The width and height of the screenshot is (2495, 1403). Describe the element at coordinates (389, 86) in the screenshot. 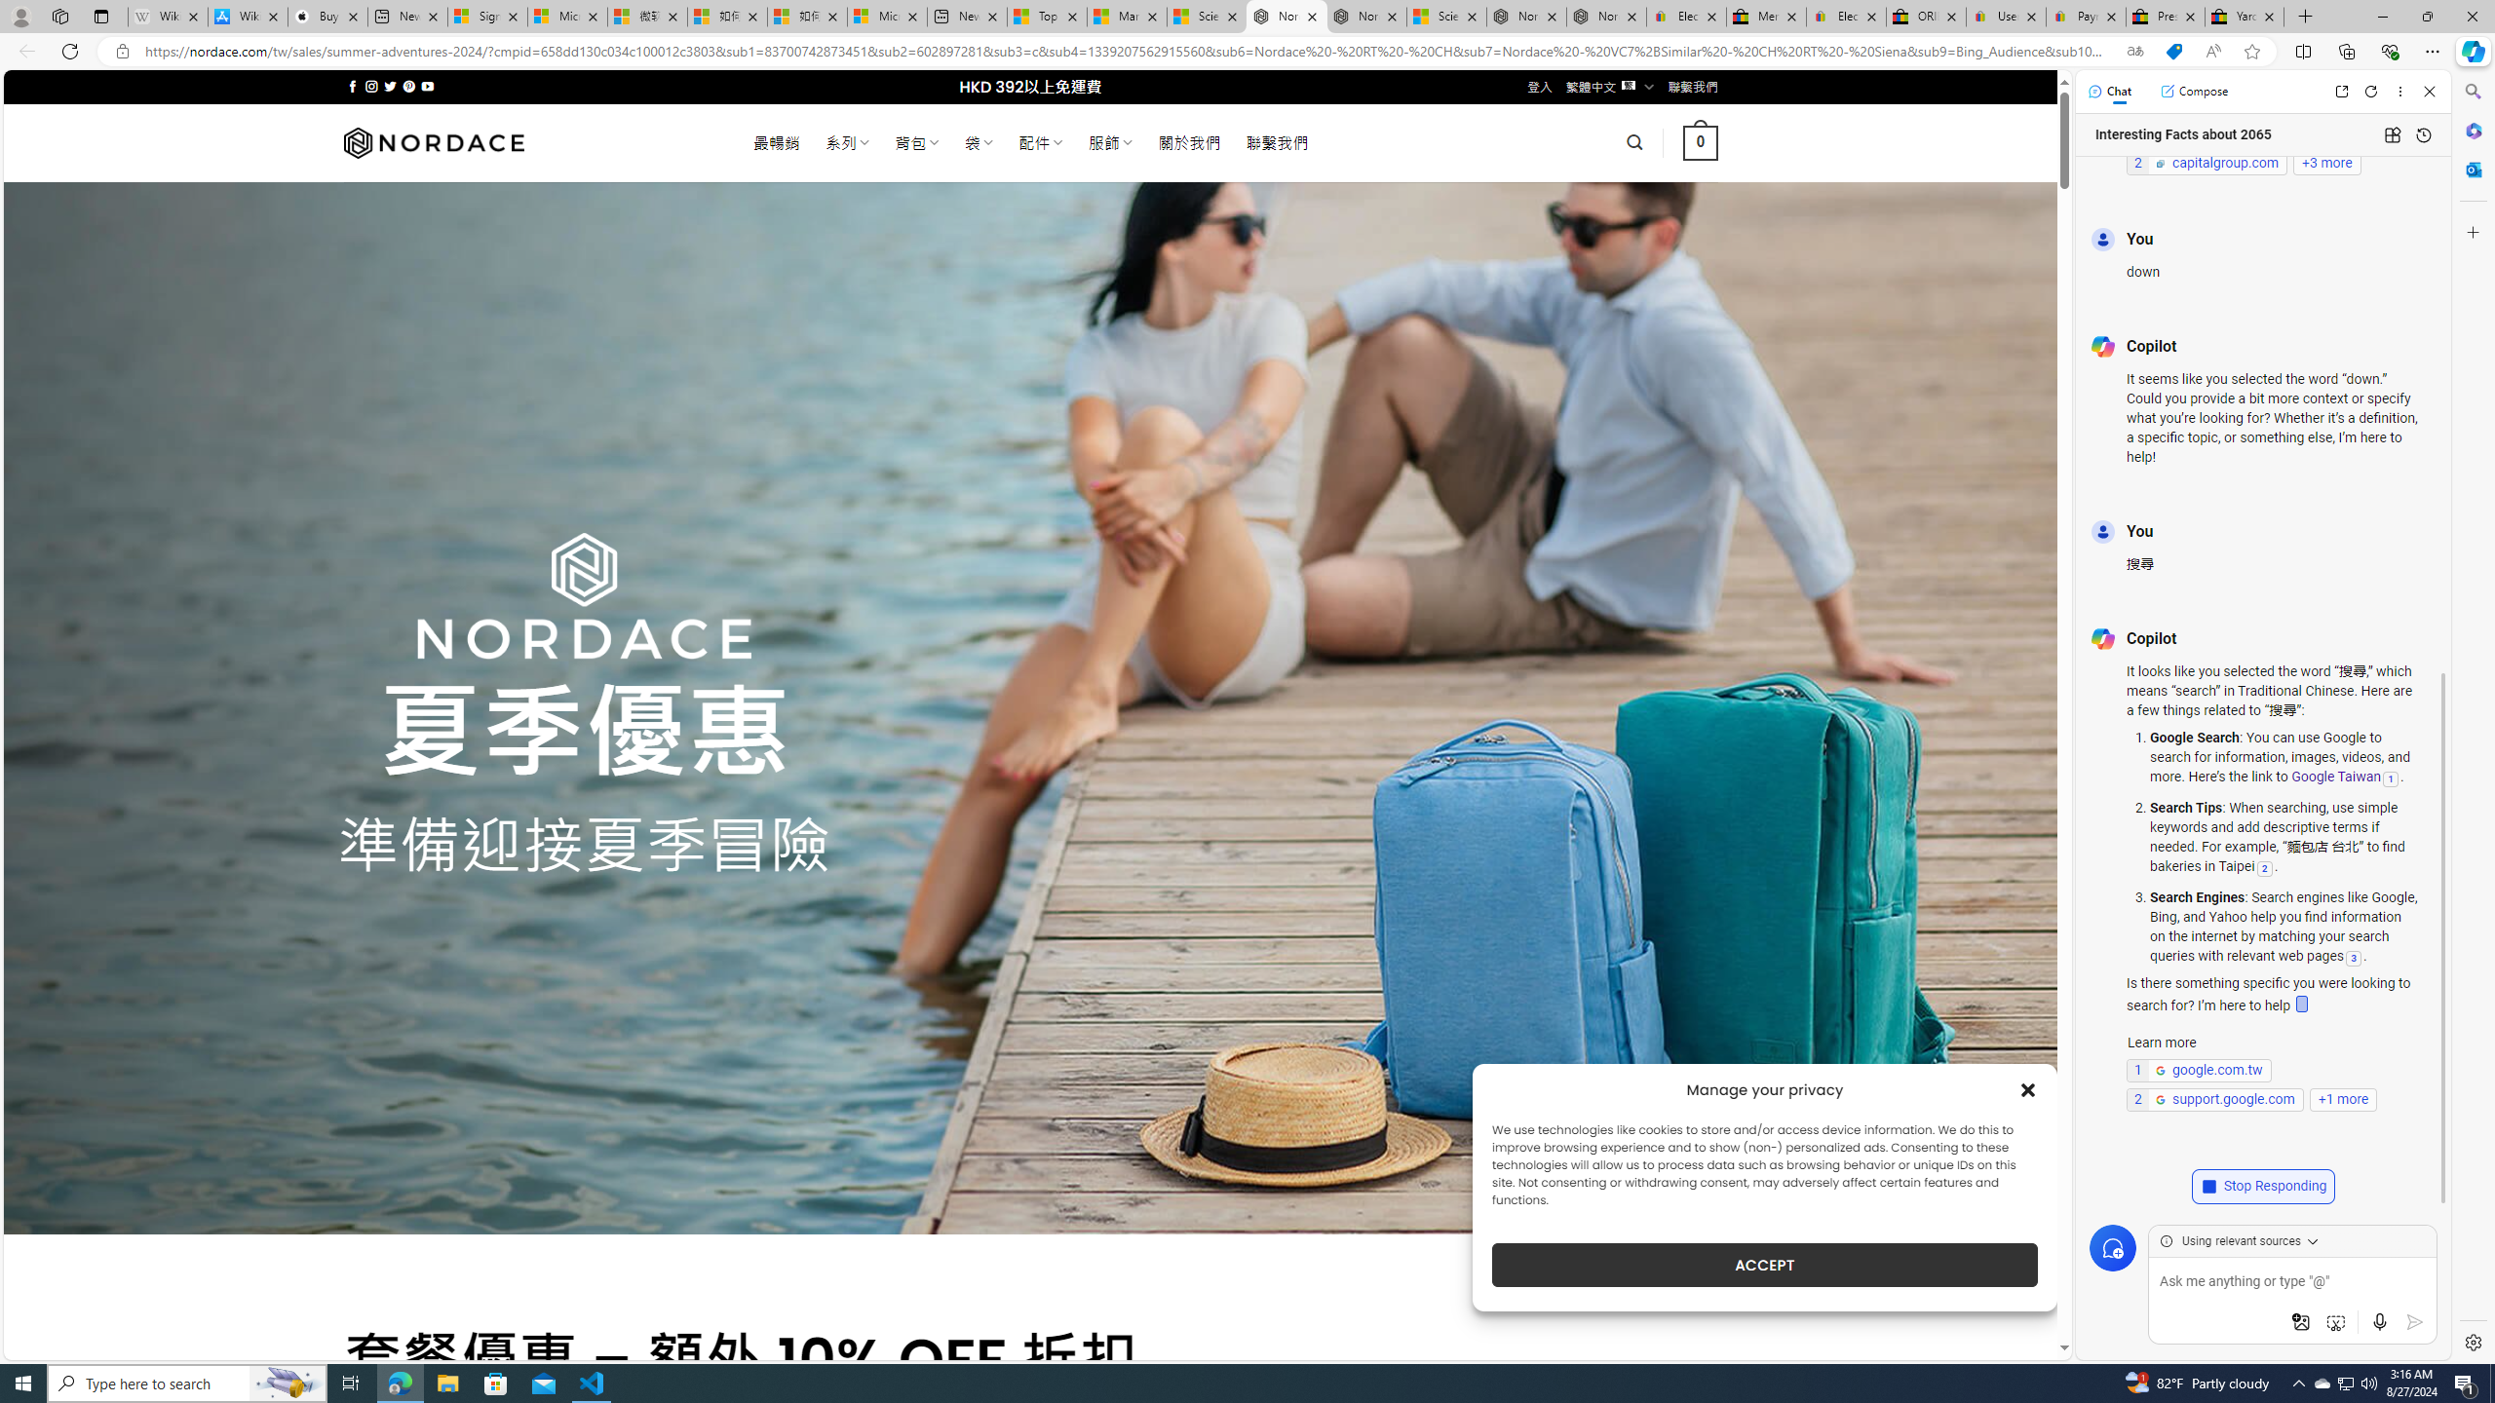

I see `'Follow on Twitter'` at that location.